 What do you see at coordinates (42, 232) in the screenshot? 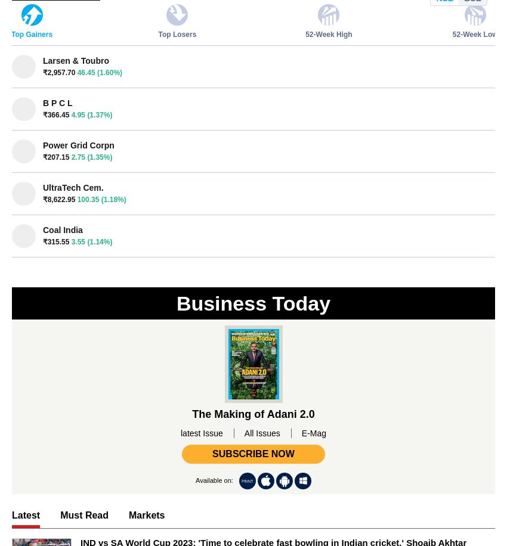
I see `'Cover Story'` at bounding box center [42, 232].